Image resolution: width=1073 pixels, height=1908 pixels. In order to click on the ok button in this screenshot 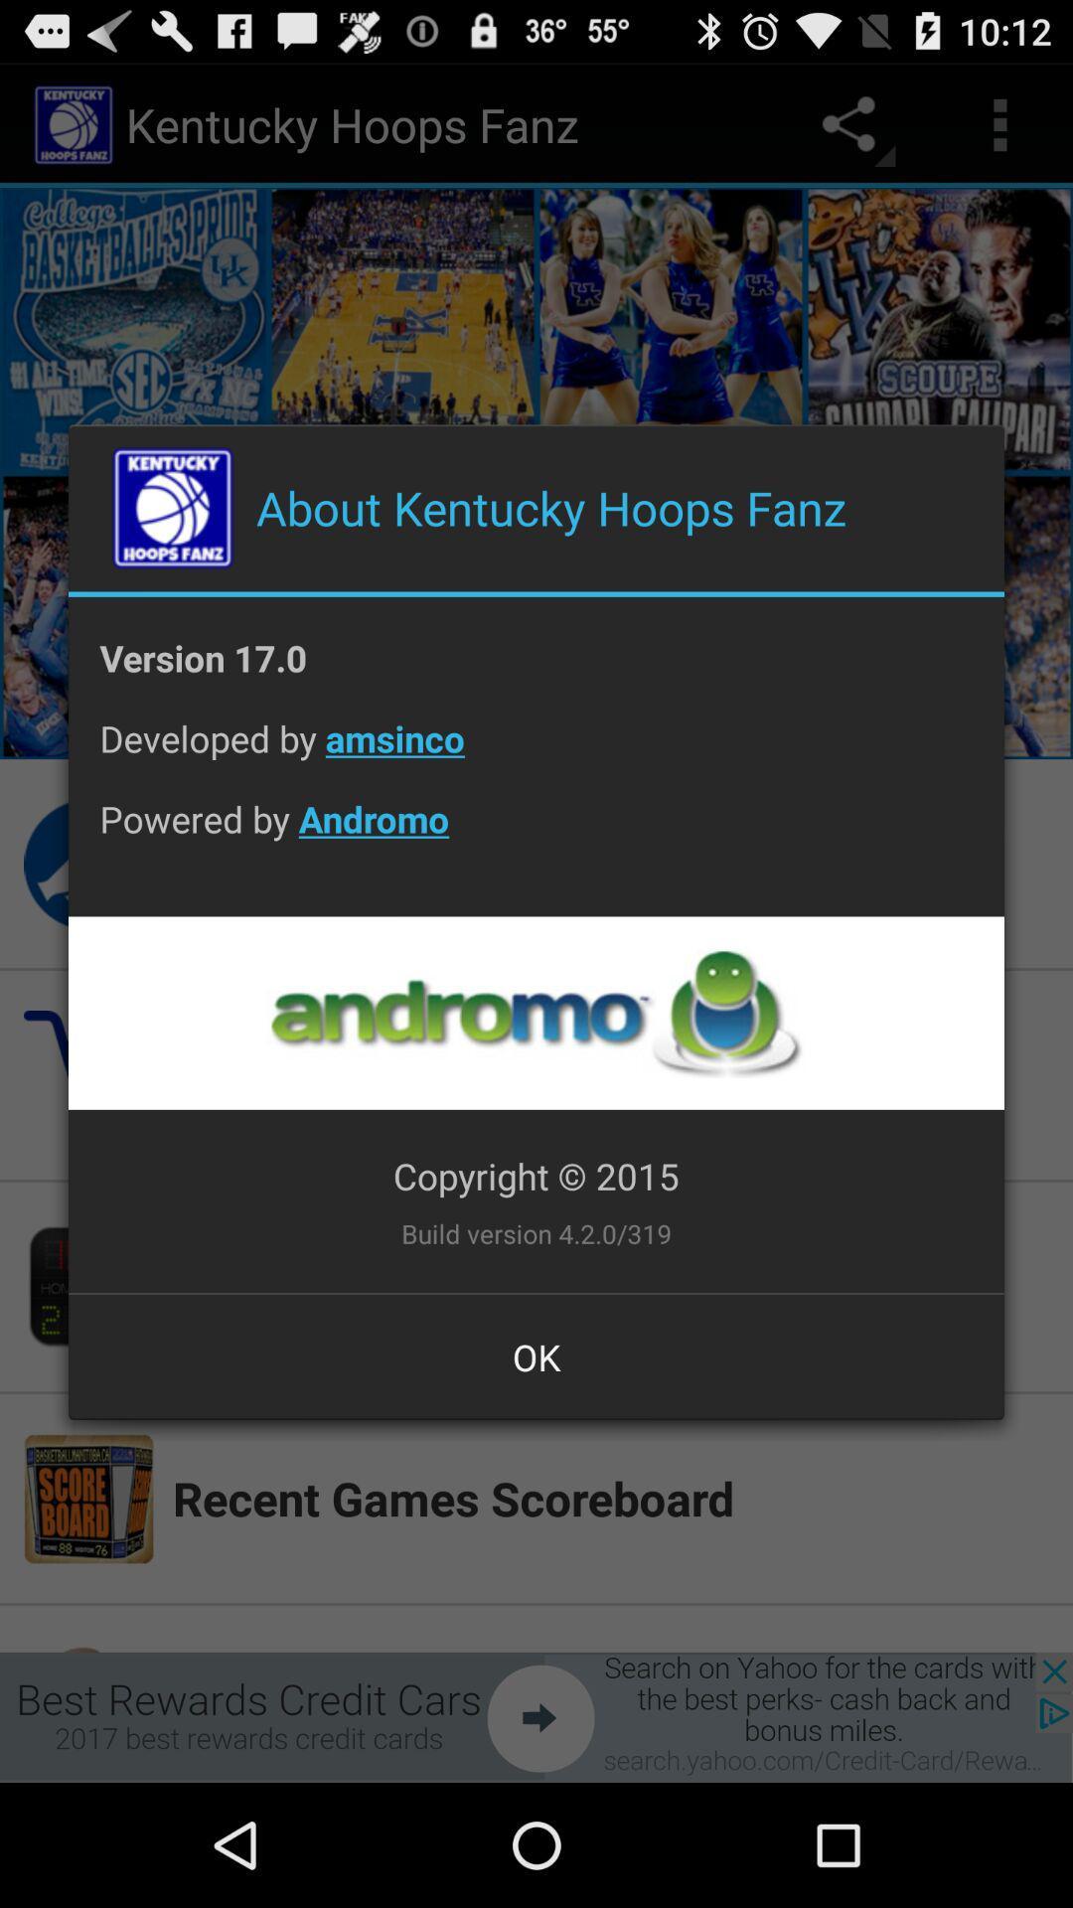, I will do `click(536, 1355)`.